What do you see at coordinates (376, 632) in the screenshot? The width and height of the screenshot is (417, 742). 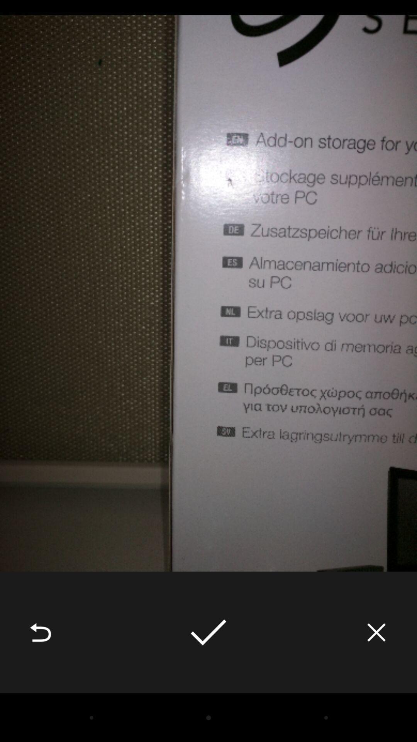 I see `item at the bottom right corner` at bounding box center [376, 632].